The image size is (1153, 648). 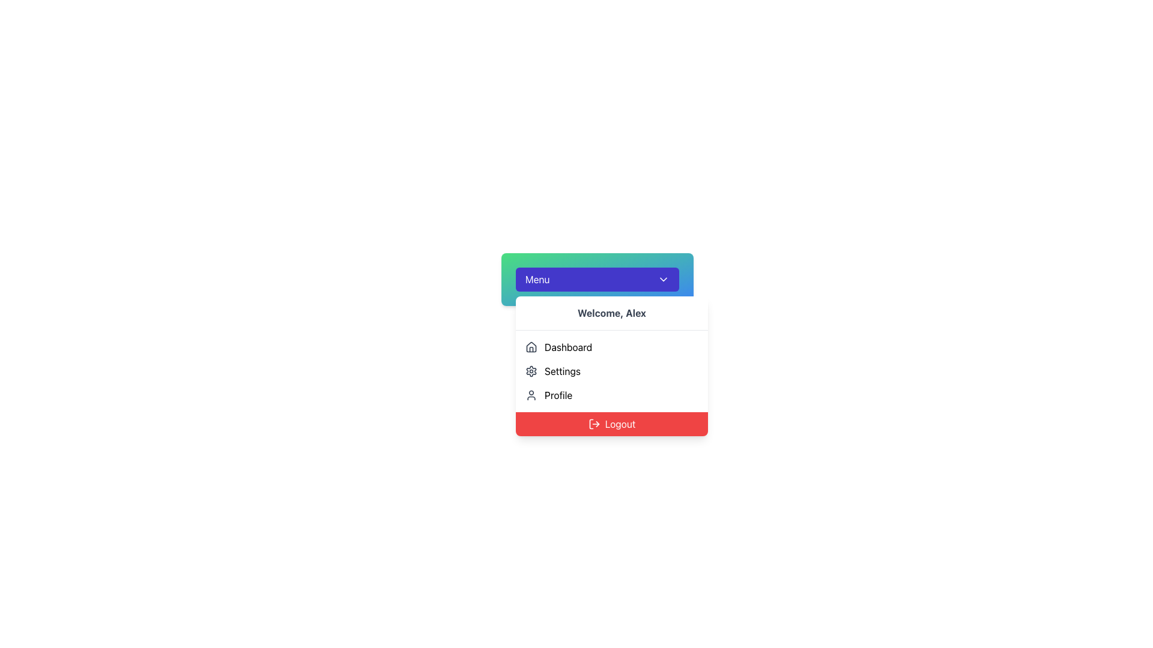 I want to click on the settings menu icon, which is the leftmost visual part of the 'Settings' menu item under the 'Welcome, Alex' header, so click(x=530, y=370).